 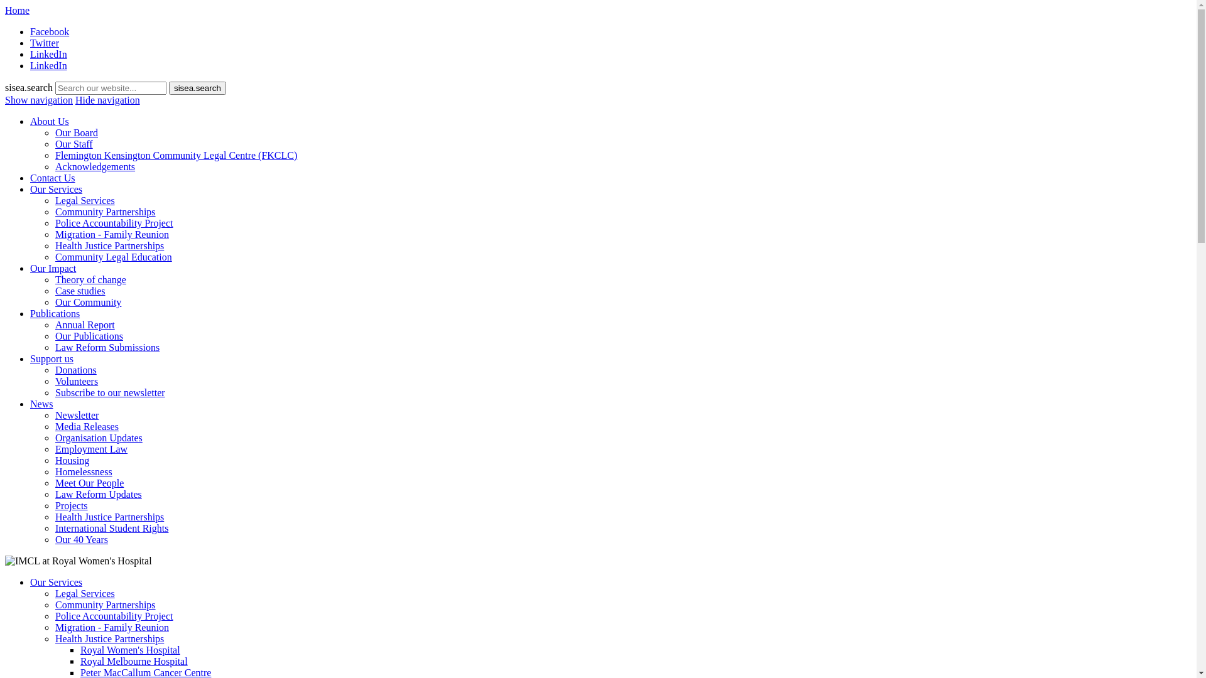 I want to click on 'LinkedIn', so click(x=48, y=65).